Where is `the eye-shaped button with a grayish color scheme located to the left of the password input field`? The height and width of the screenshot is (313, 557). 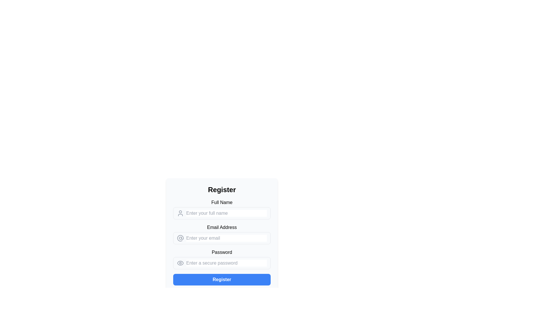
the eye-shaped button with a grayish color scheme located to the left of the password input field is located at coordinates (180, 263).